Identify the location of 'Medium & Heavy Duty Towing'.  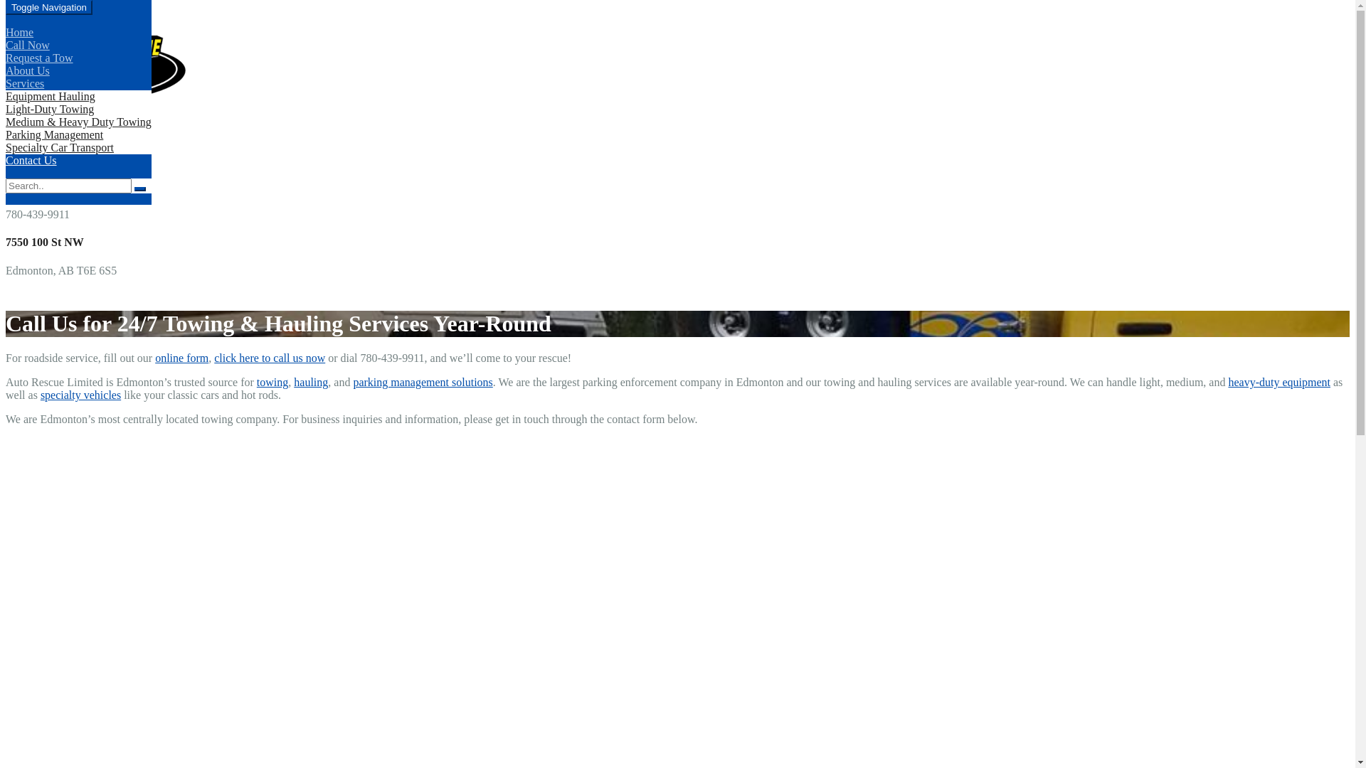
(6, 121).